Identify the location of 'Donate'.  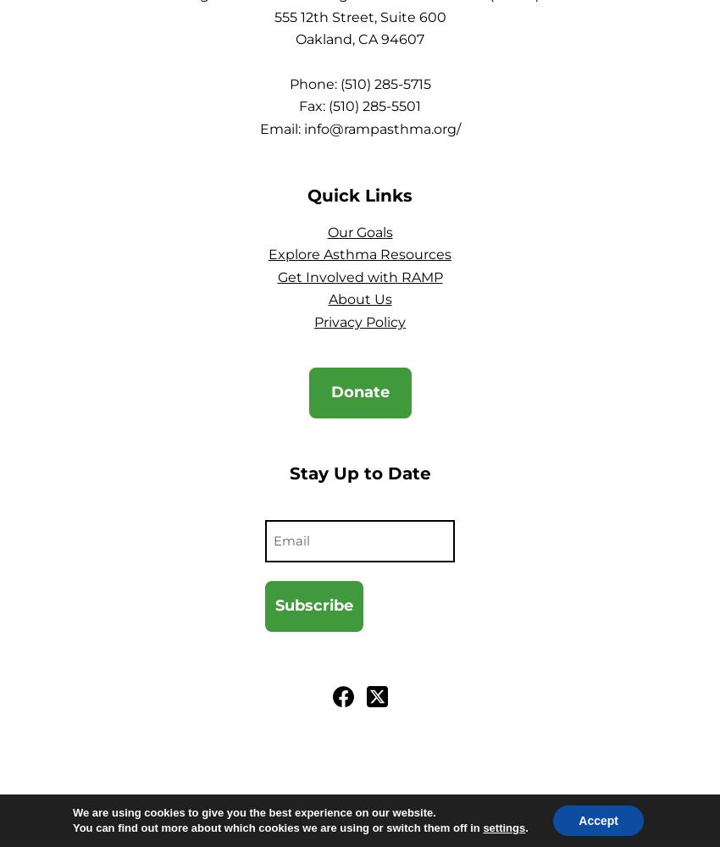
(359, 391).